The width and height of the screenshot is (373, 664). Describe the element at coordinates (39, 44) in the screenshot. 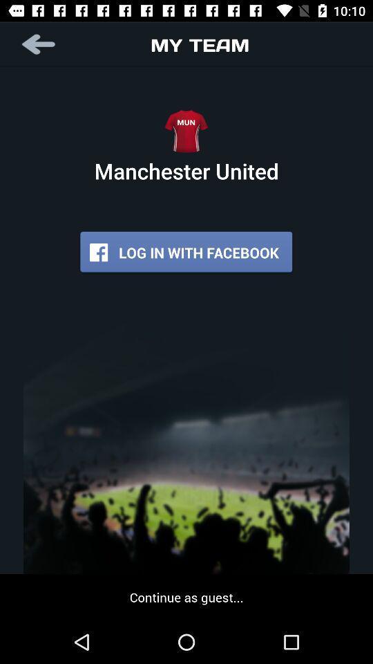

I see `button at the top left corner` at that location.